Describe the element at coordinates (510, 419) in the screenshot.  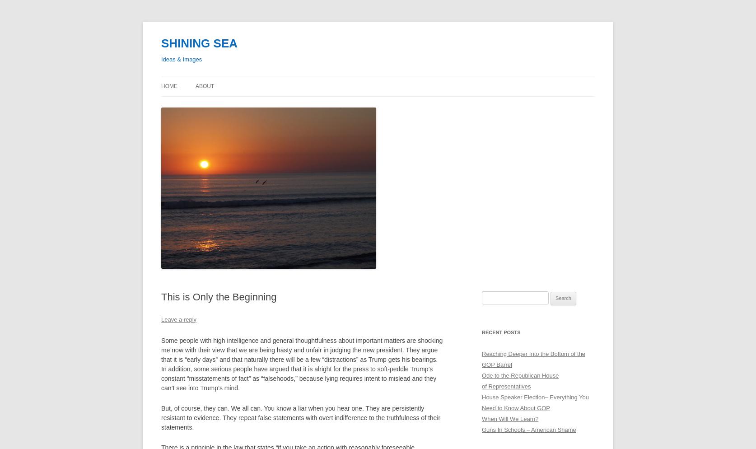
I see `'When Will We Learn?'` at that location.